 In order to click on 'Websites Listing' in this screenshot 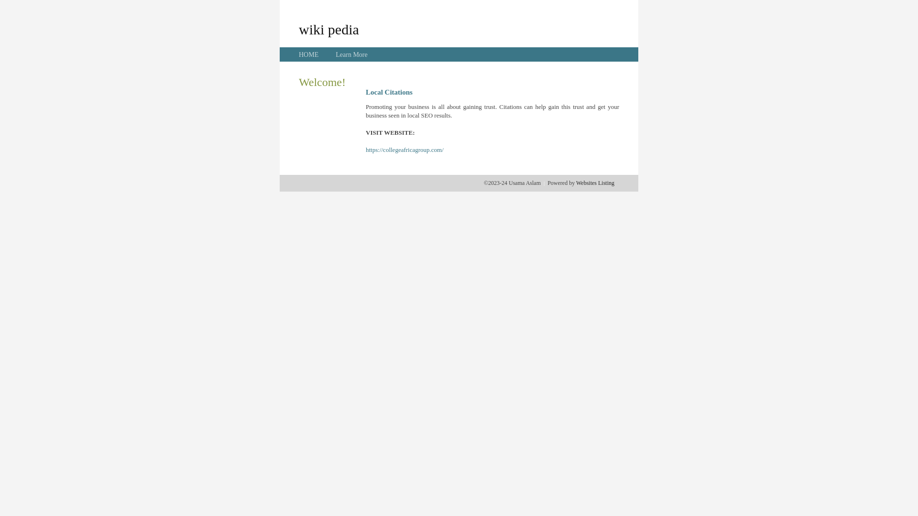, I will do `click(594, 183)`.